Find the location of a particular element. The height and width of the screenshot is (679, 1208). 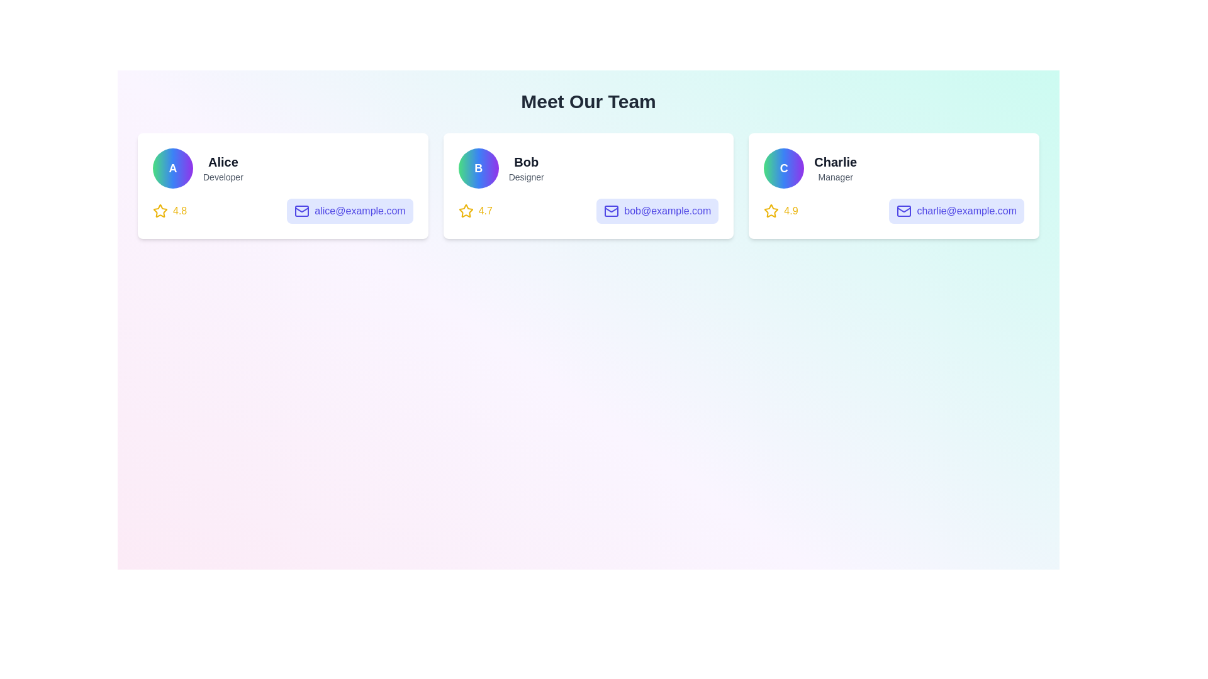

the 'Developer' text label, which is located in the lower section of the card is located at coordinates (223, 177).